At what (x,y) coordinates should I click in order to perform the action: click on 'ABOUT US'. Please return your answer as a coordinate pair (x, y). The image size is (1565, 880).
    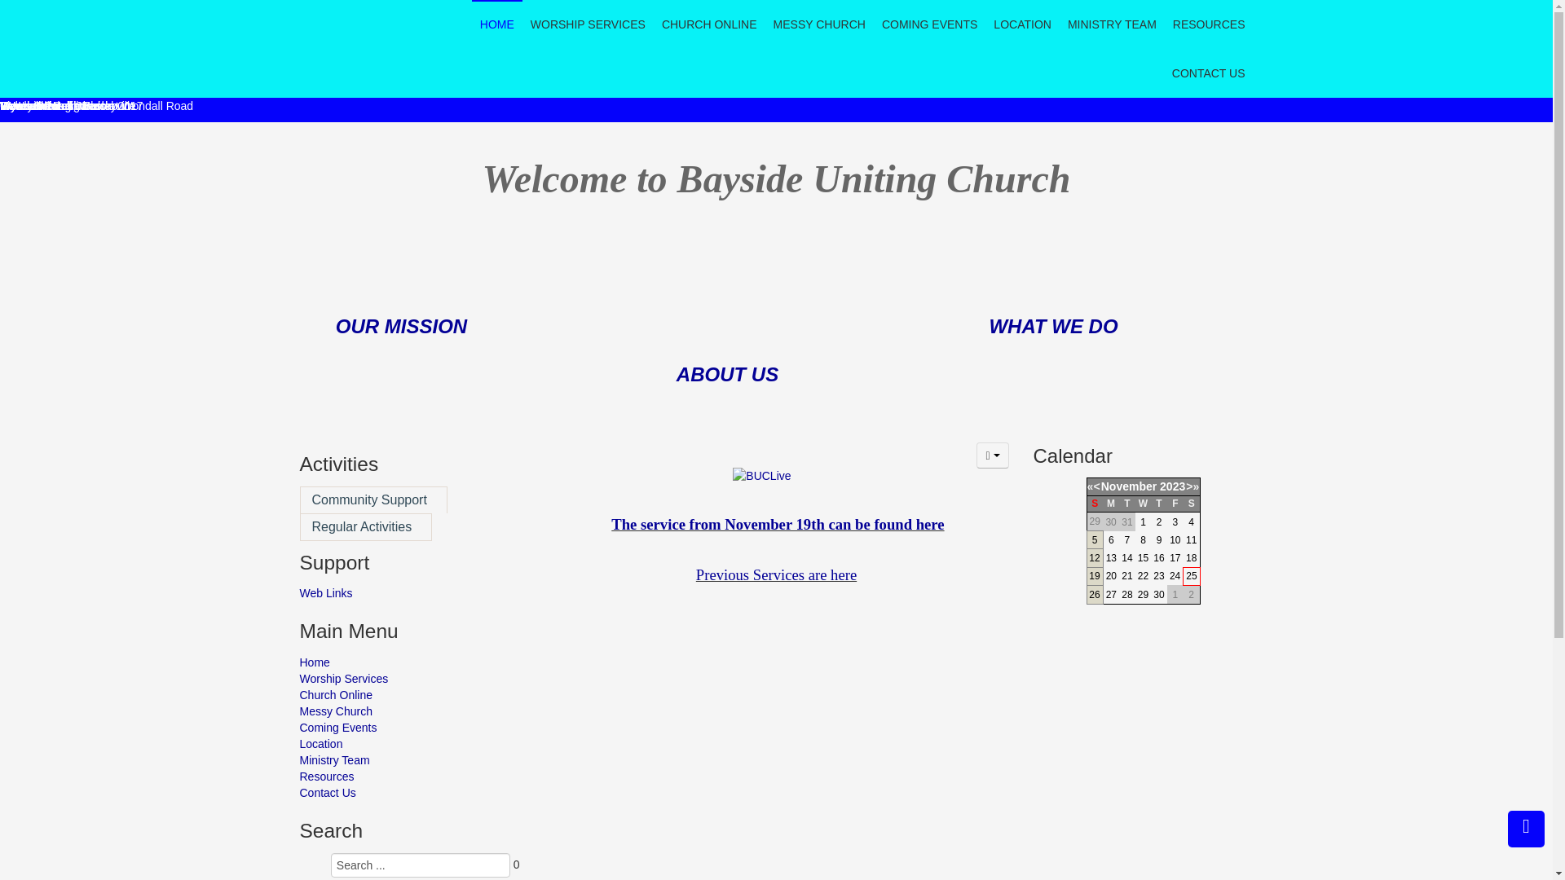
    Looking at the image, I should click on (726, 376).